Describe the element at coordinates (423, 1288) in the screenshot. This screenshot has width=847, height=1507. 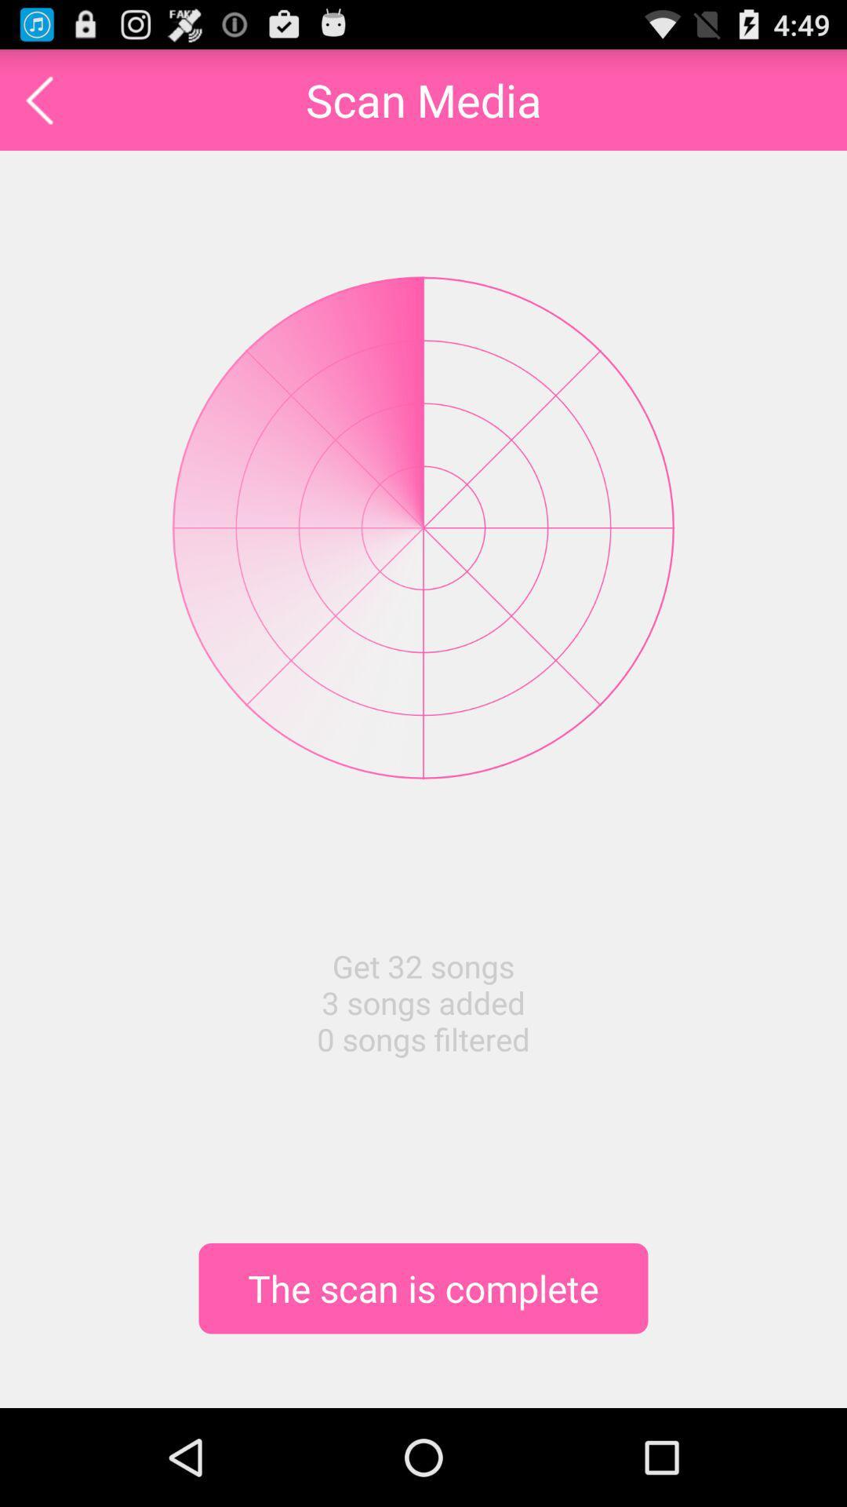
I see `the scan is icon` at that location.